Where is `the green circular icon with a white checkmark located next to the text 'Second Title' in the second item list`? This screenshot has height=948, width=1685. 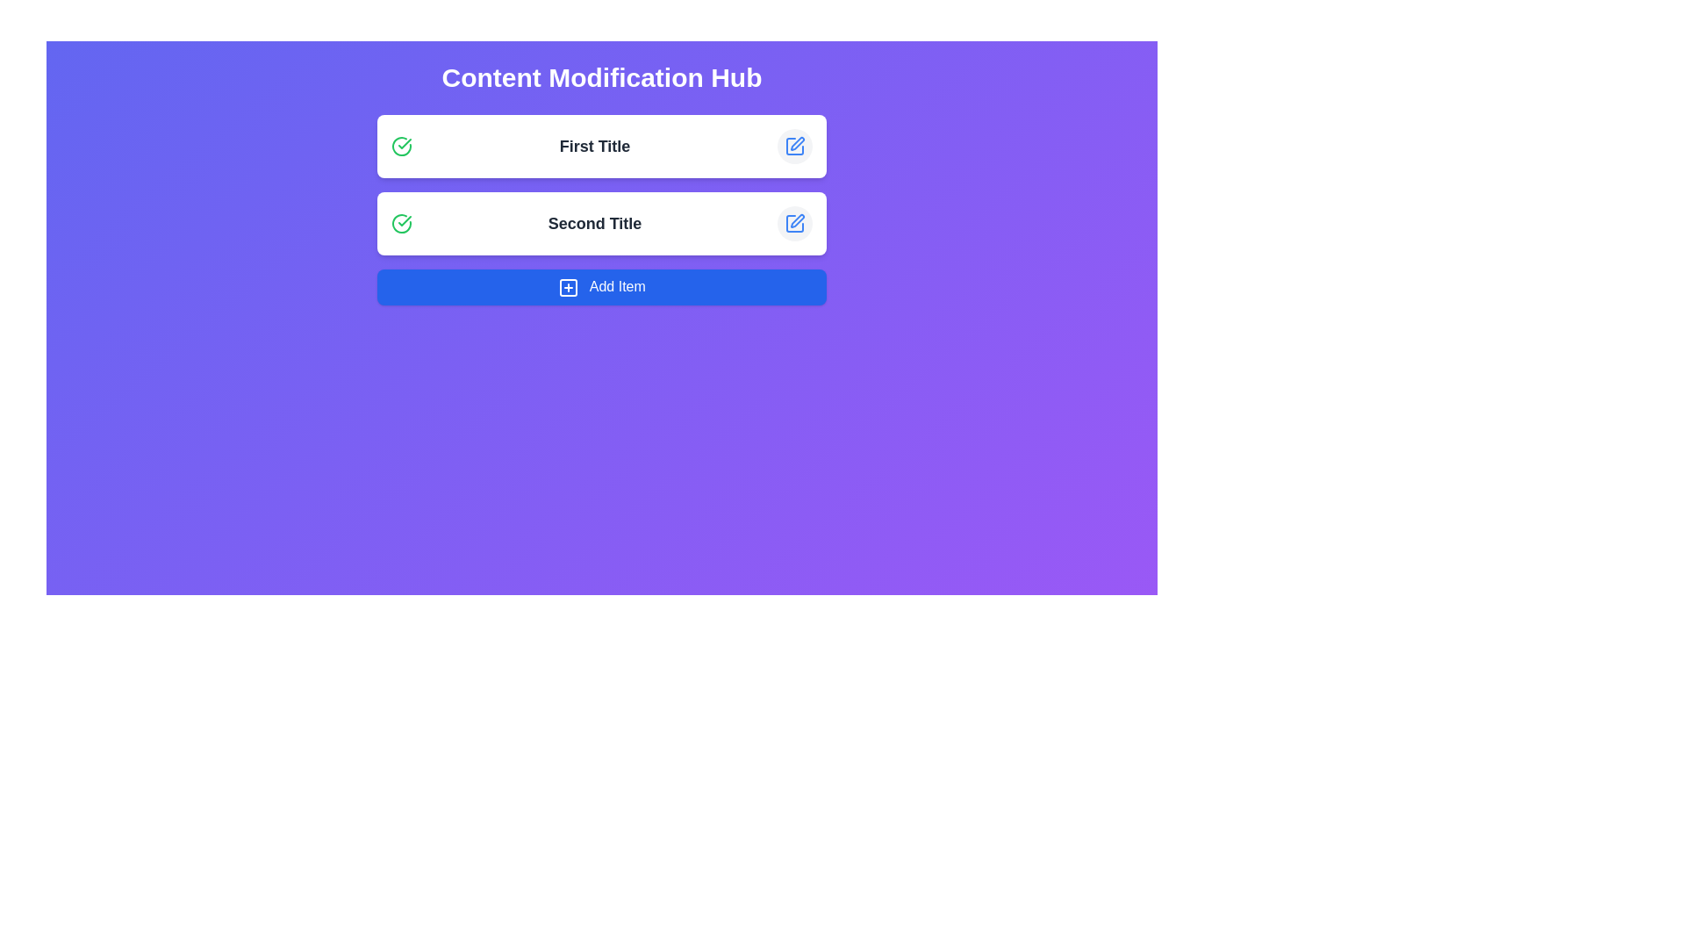 the green circular icon with a white checkmark located next to the text 'Second Title' in the second item list is located at coordinates (400, 145).